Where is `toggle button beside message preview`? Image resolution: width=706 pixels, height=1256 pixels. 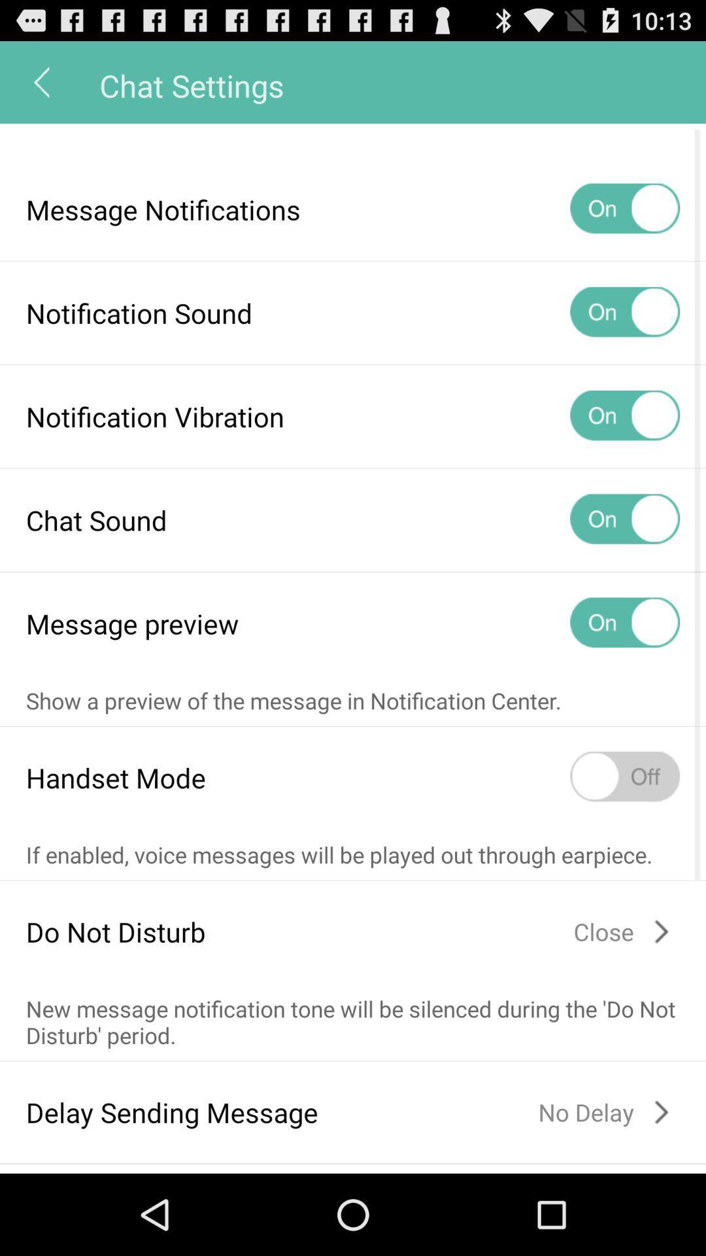
toggle button beside message preview is located at coordinates (624, 623).